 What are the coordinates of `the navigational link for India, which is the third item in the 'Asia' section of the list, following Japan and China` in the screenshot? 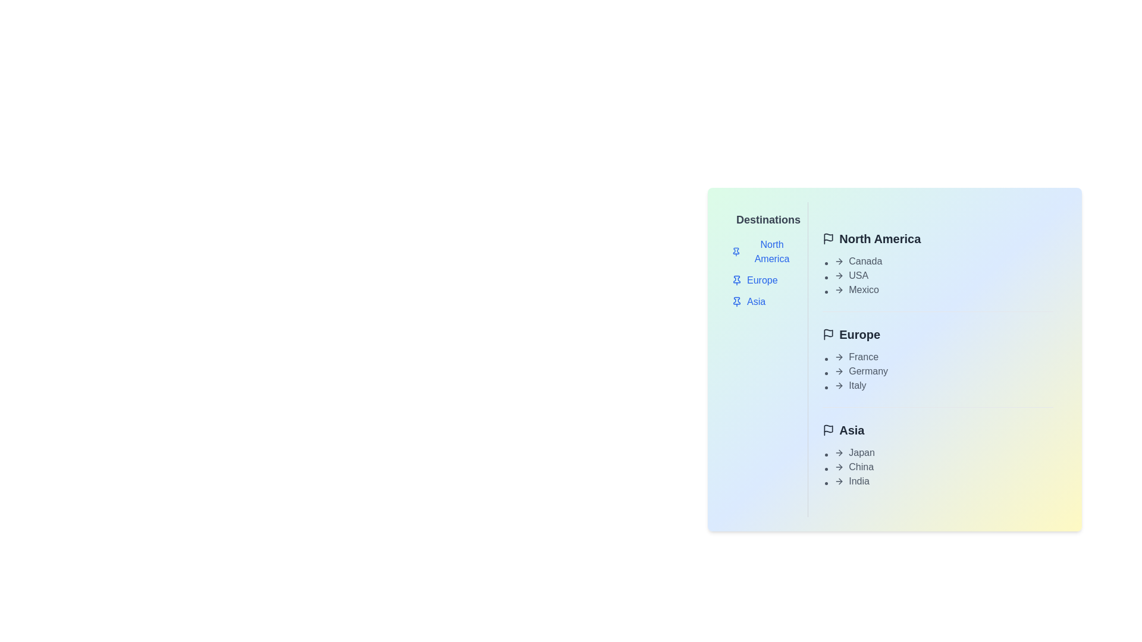 It's located at (943, 481).